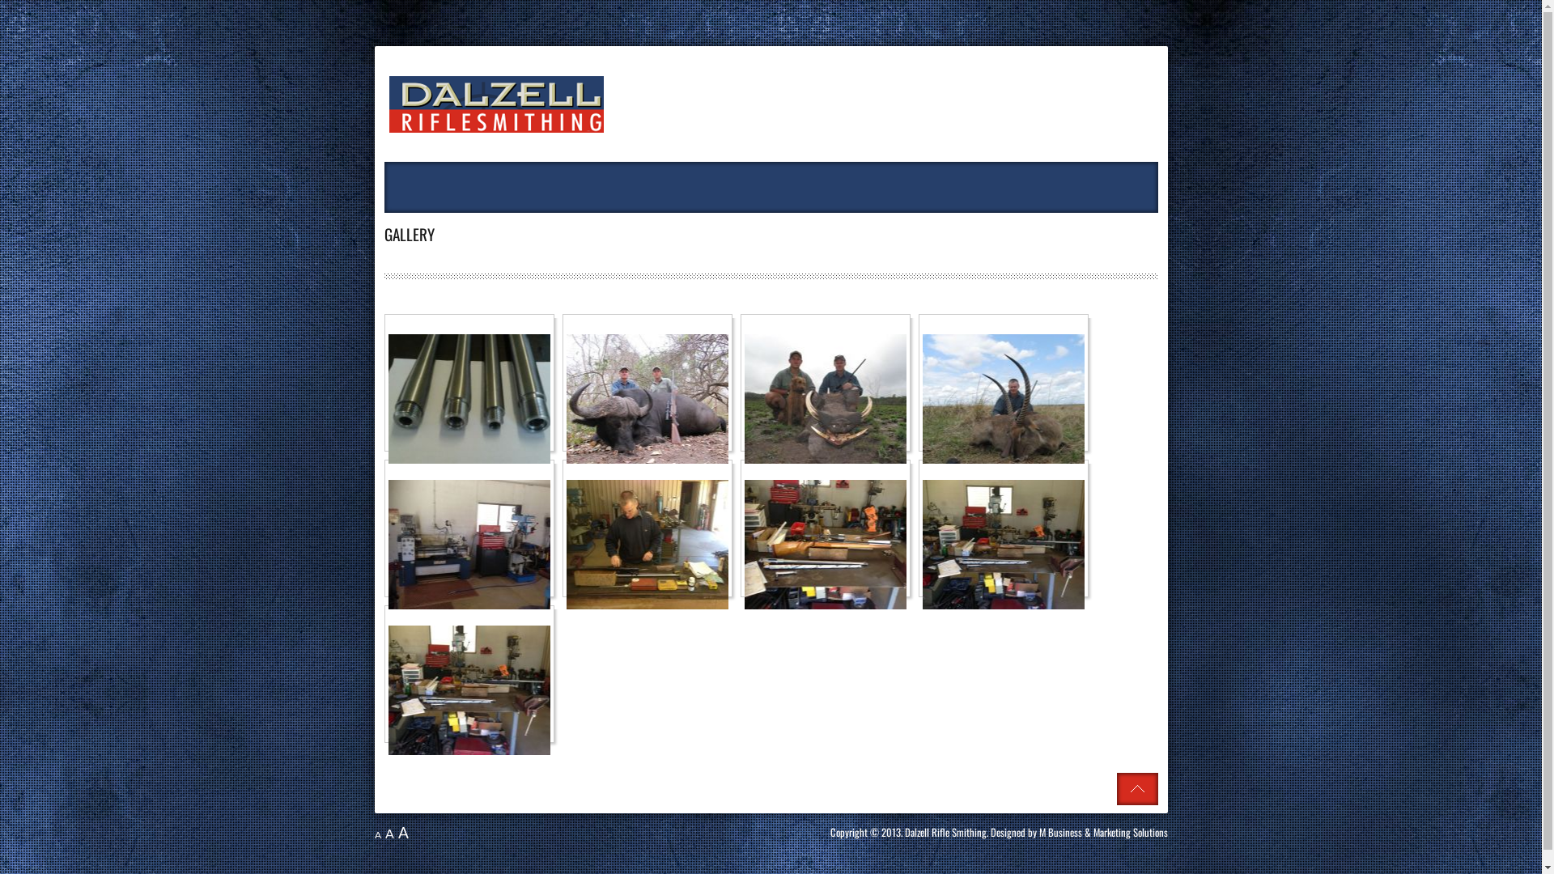 This screenshot has height=874, width=1554. What do you see at coordinates (389, 833) in the screenshot?
I see `'A'` at bounding box center [389, 833].